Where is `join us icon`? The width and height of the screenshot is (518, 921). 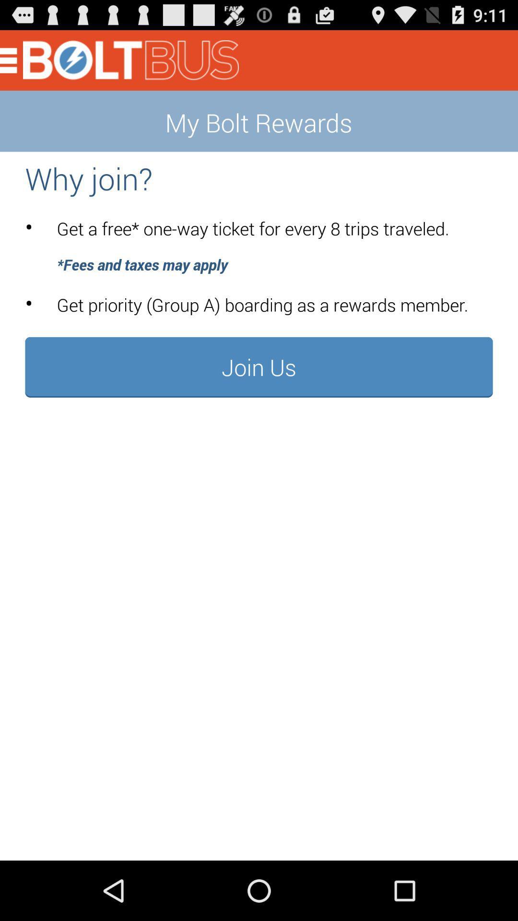
join us icon is located at coordinates (259, 366).